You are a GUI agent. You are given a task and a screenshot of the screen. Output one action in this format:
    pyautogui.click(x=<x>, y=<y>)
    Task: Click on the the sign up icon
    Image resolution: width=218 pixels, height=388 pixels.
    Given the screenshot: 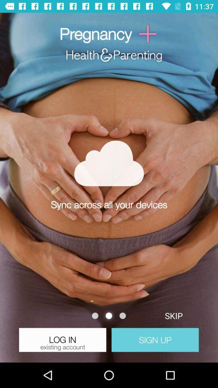 What is the action you would take?
    pyautogui.click(x=155, y=339)
    